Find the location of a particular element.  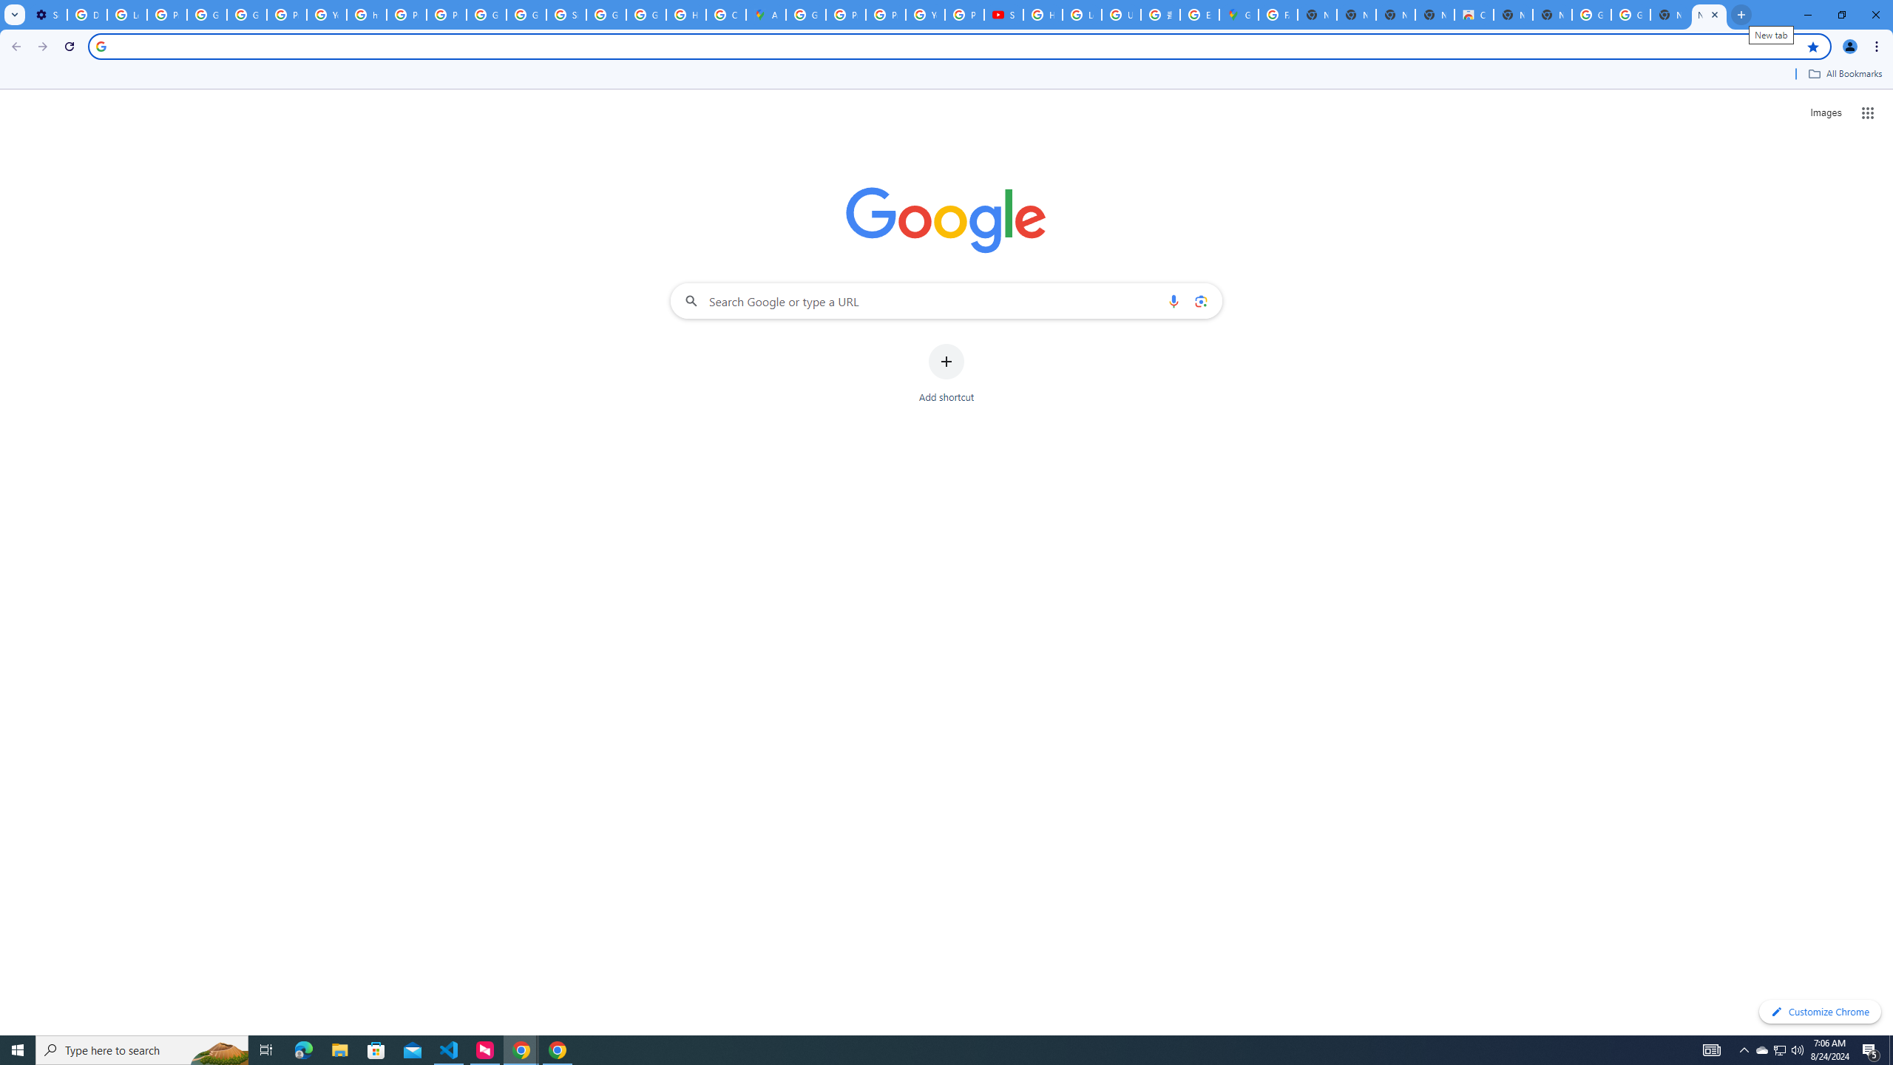

'How Chrome protects your passwords - Google Chrome Help' is located at coordinates (1043, 14).